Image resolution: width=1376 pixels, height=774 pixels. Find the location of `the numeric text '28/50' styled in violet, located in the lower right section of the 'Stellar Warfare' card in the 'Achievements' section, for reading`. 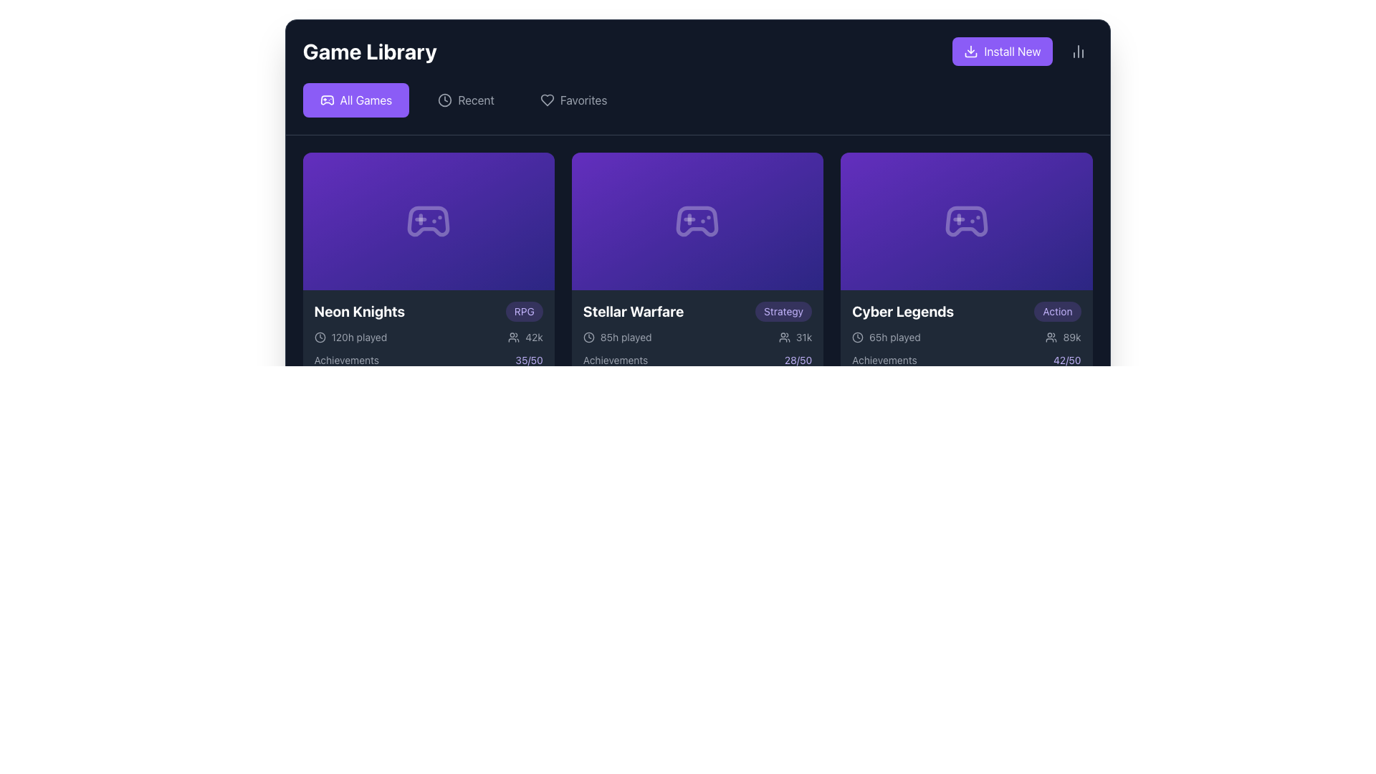

the numeric text '28/50' styled in violet, located in the lower right section of the 'Stellar Warfare' card in the 'Achievements' section, for reading is located at coordinates (797, 359).